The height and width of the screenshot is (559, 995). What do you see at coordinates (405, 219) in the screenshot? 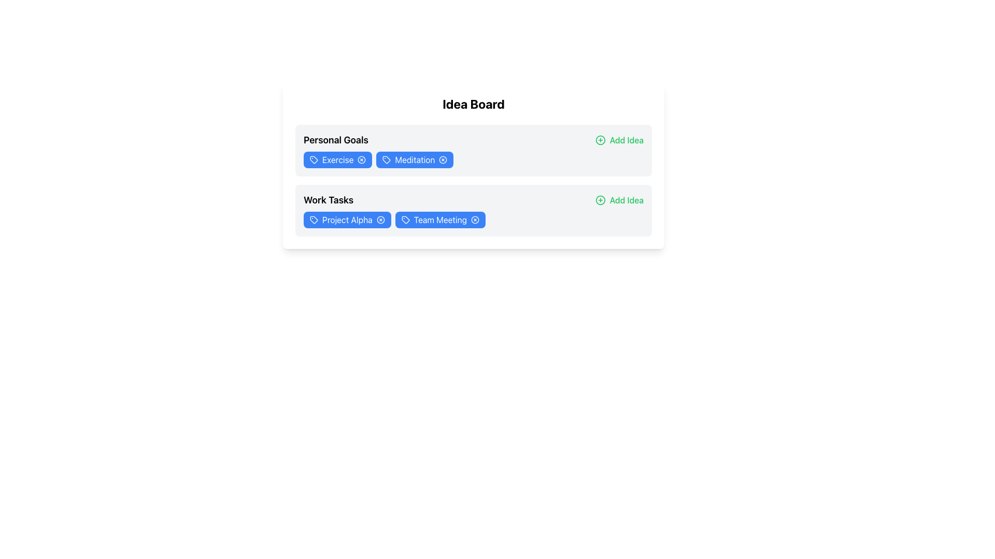
I see `the icon element resembling a tag with a blue background and a white outline, located within the 'Team Meeting' item in the 'Work Tasks' section` at bounding box center [405, 219].